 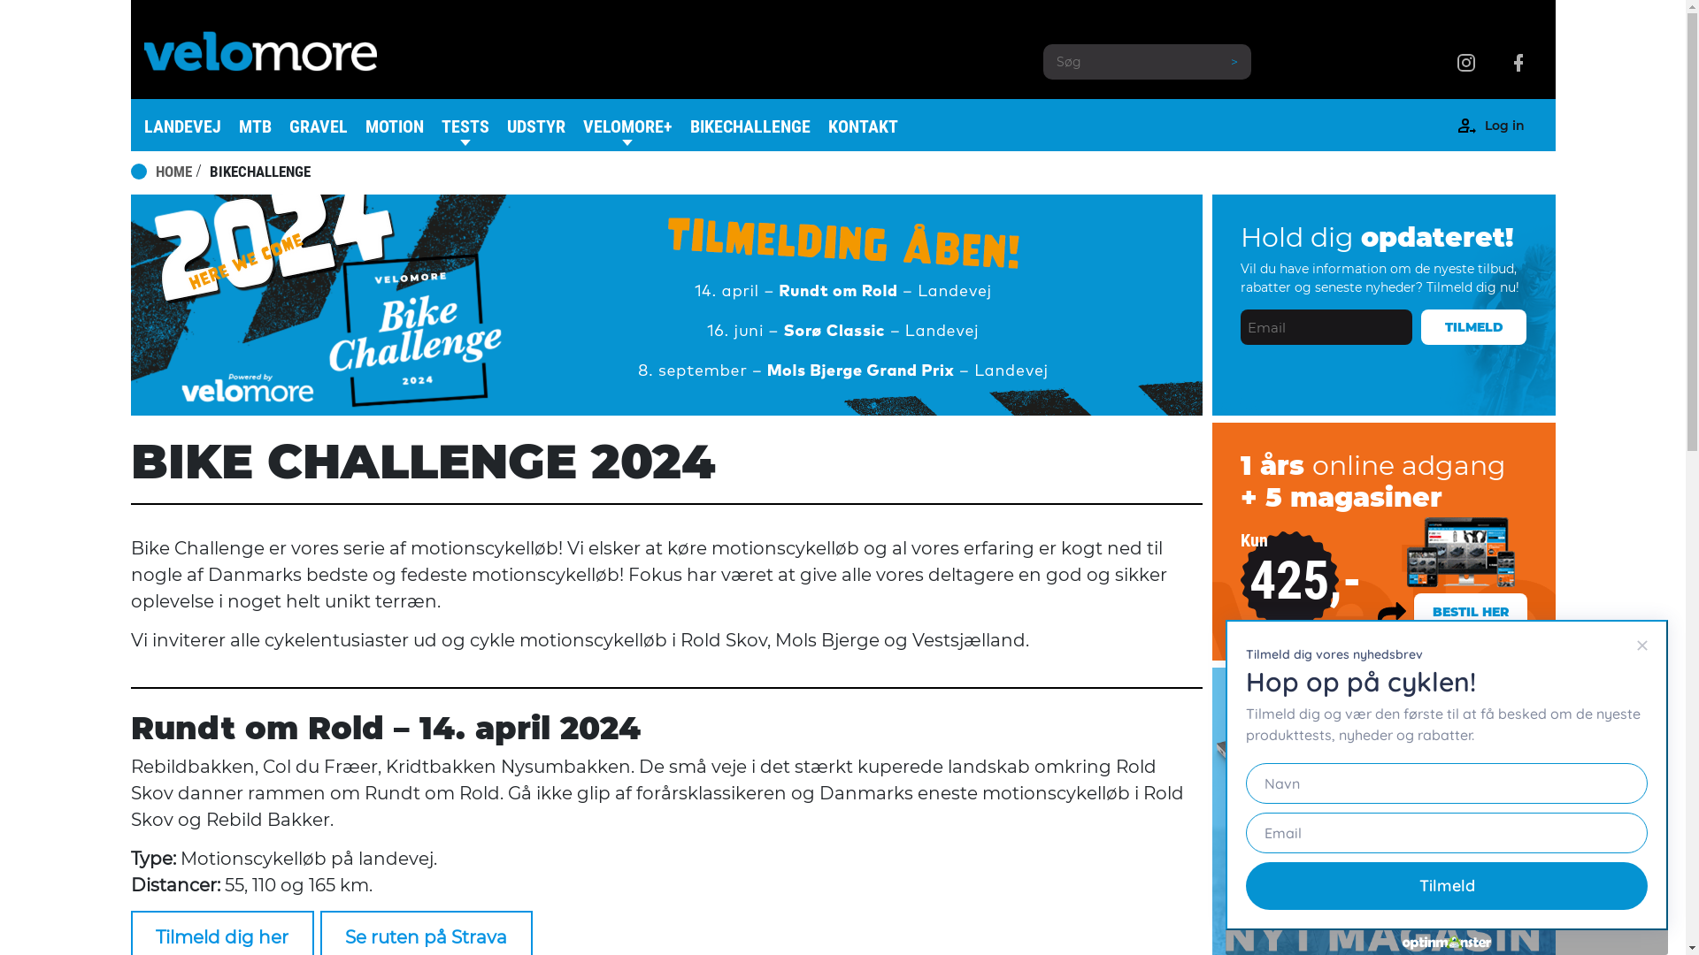 What do you see at coordinates (1503, 127) in the screenshot?
I see `'Log in'` at bounding box center [1503, 127].